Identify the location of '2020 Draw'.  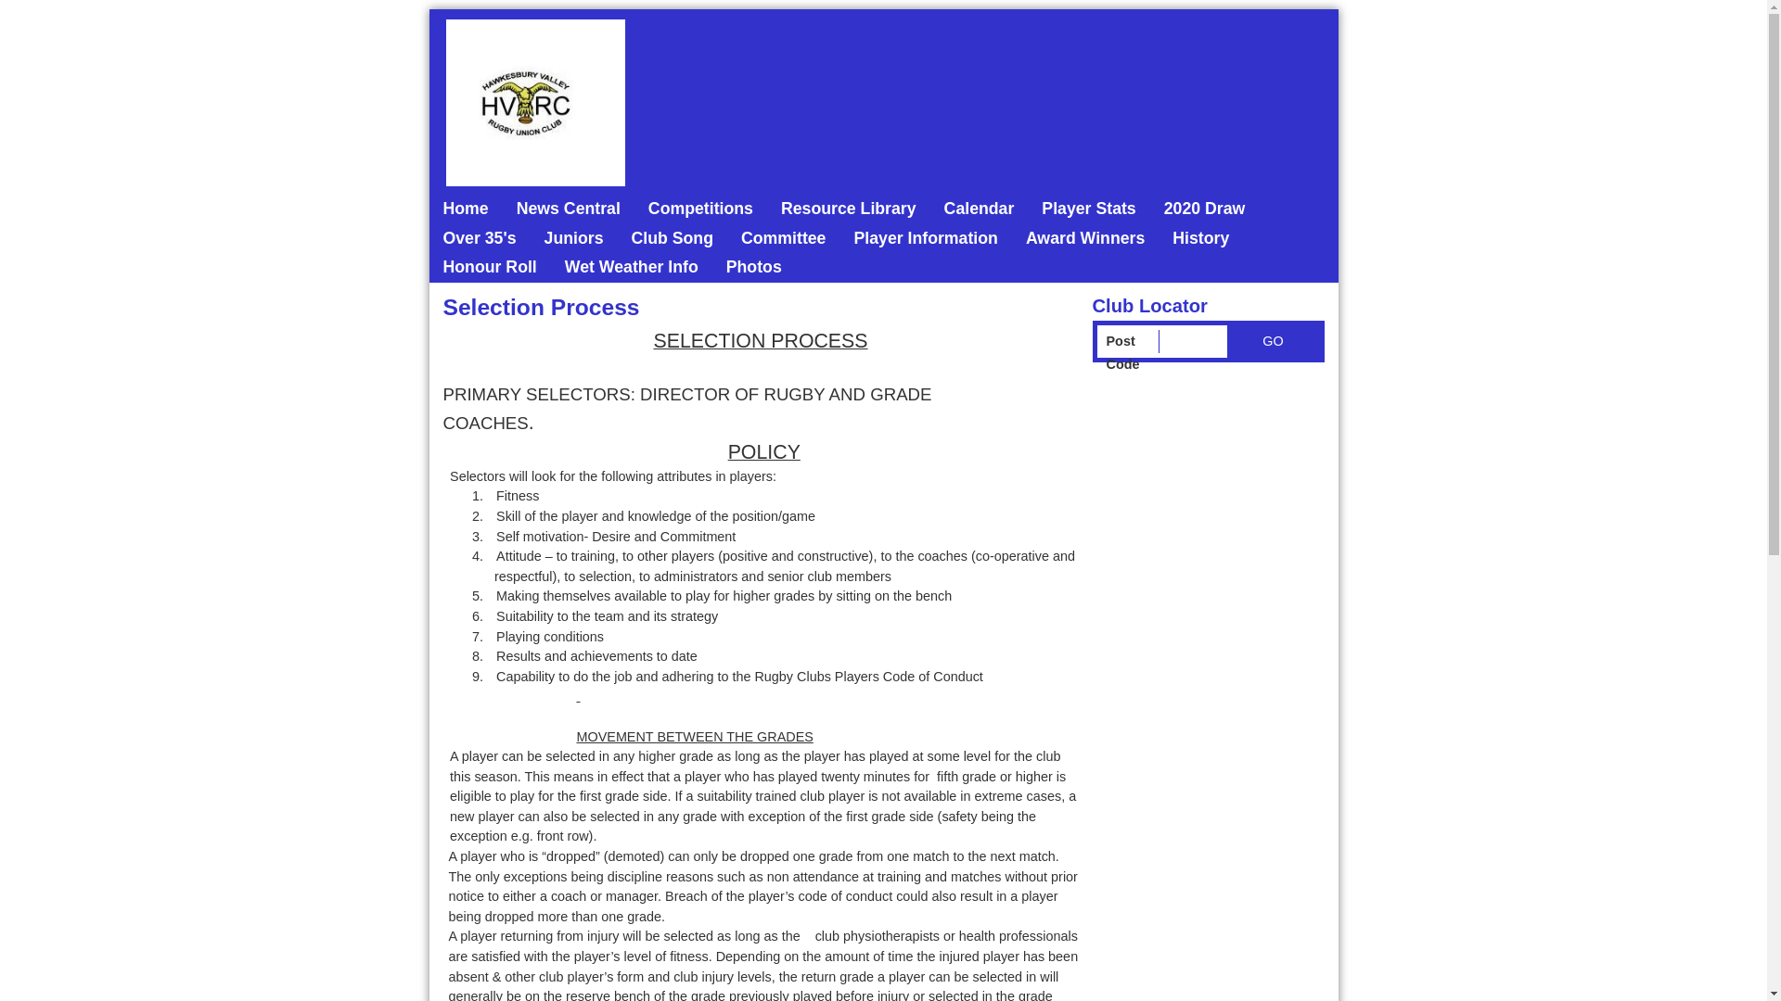
(1148, 209).